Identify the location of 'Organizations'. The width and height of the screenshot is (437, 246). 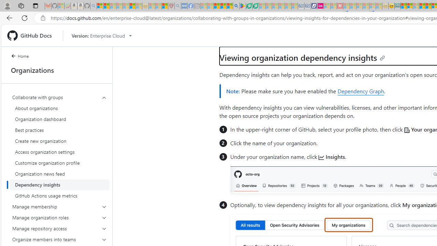
(57, 70).